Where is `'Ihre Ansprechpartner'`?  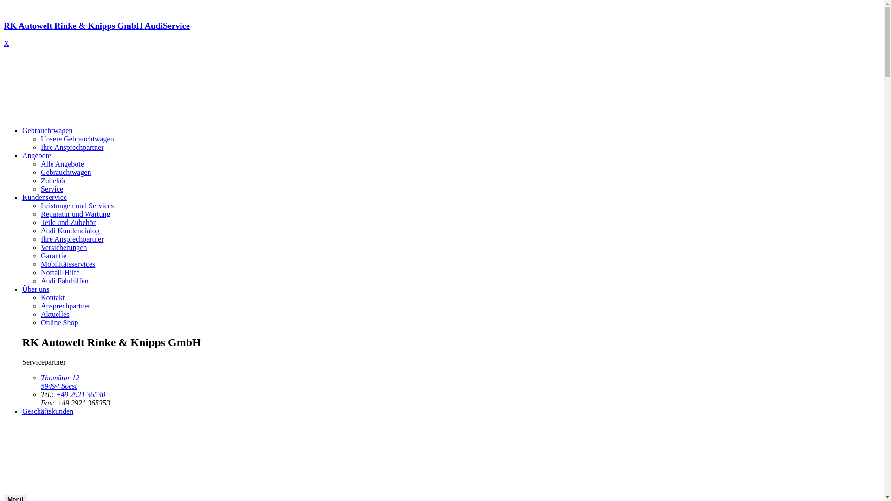 'Ihre Ansprechpartner' is located at coordinates (72, 147).